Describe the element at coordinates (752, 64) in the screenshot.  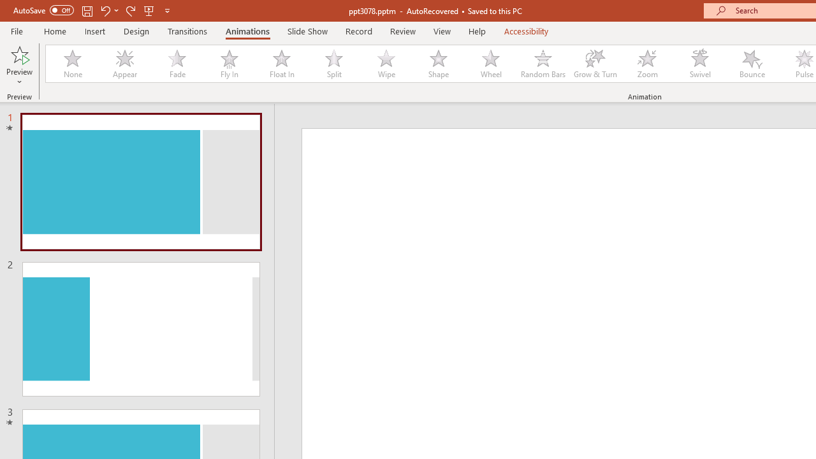
I see `'Bounce'` at that location.